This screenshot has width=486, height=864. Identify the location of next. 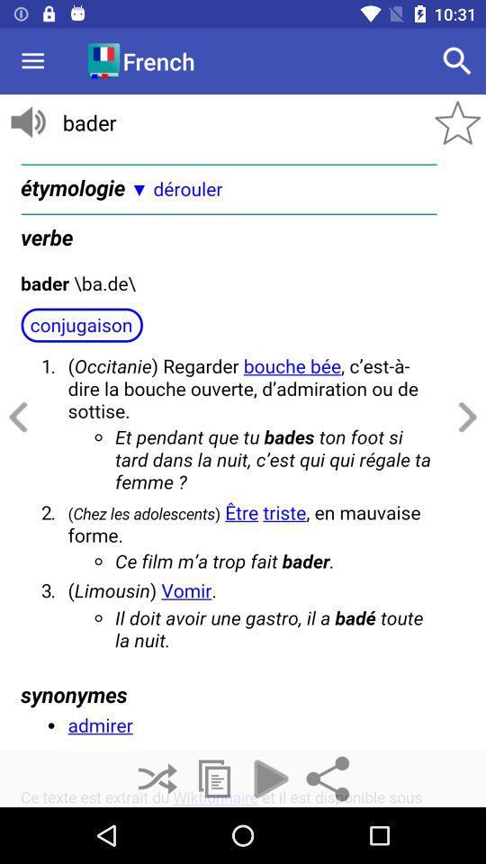
(464, 418).